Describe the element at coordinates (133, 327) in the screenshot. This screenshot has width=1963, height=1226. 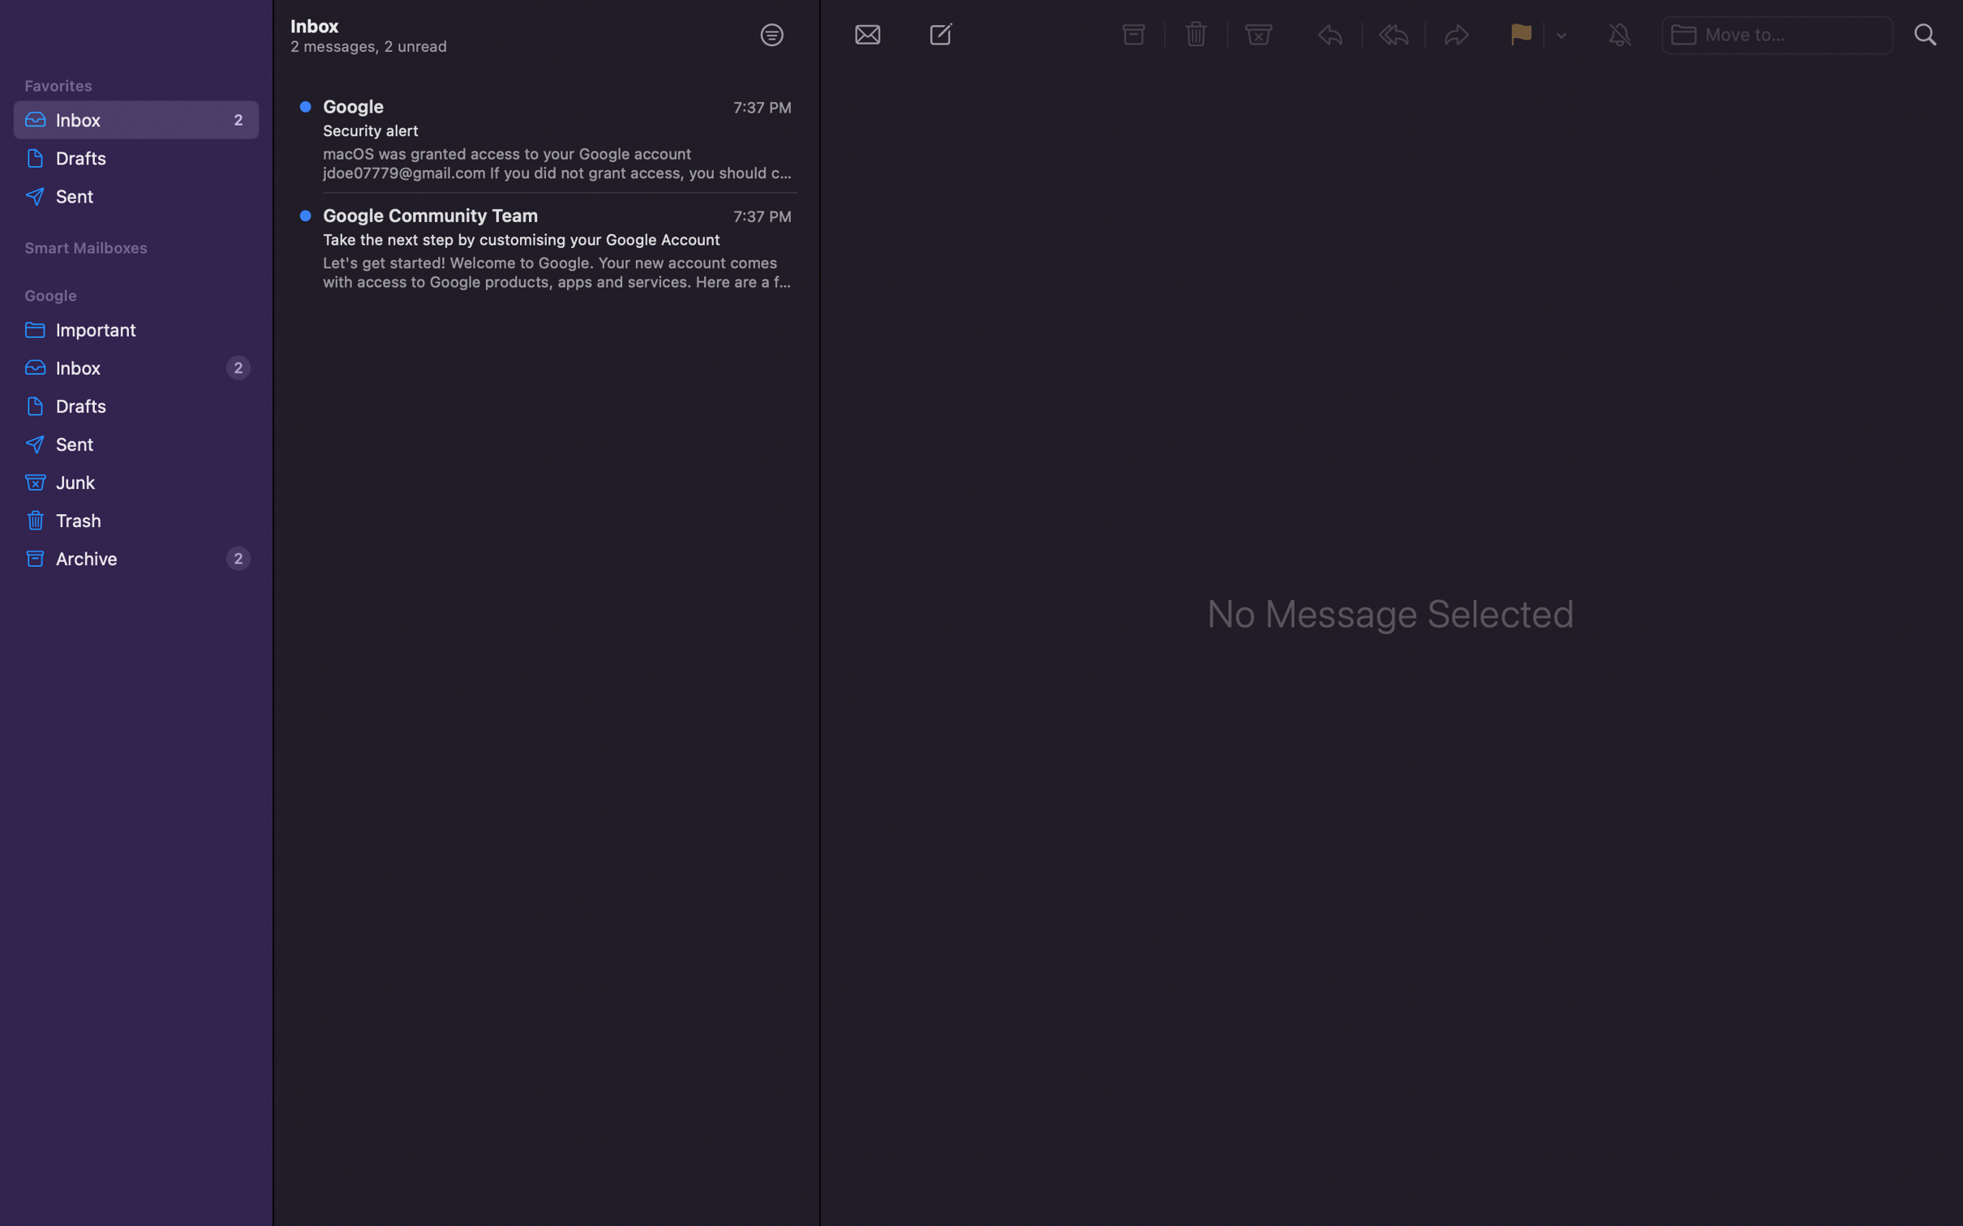
I see `the mail marked as important` at that location.